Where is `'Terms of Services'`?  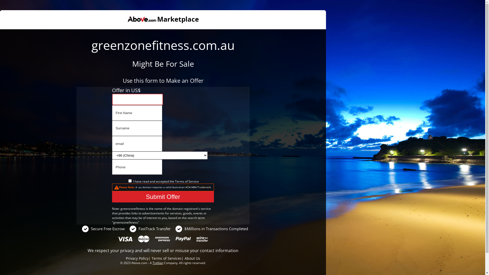
'Terms of Services' is located at coordinates (151, 258).